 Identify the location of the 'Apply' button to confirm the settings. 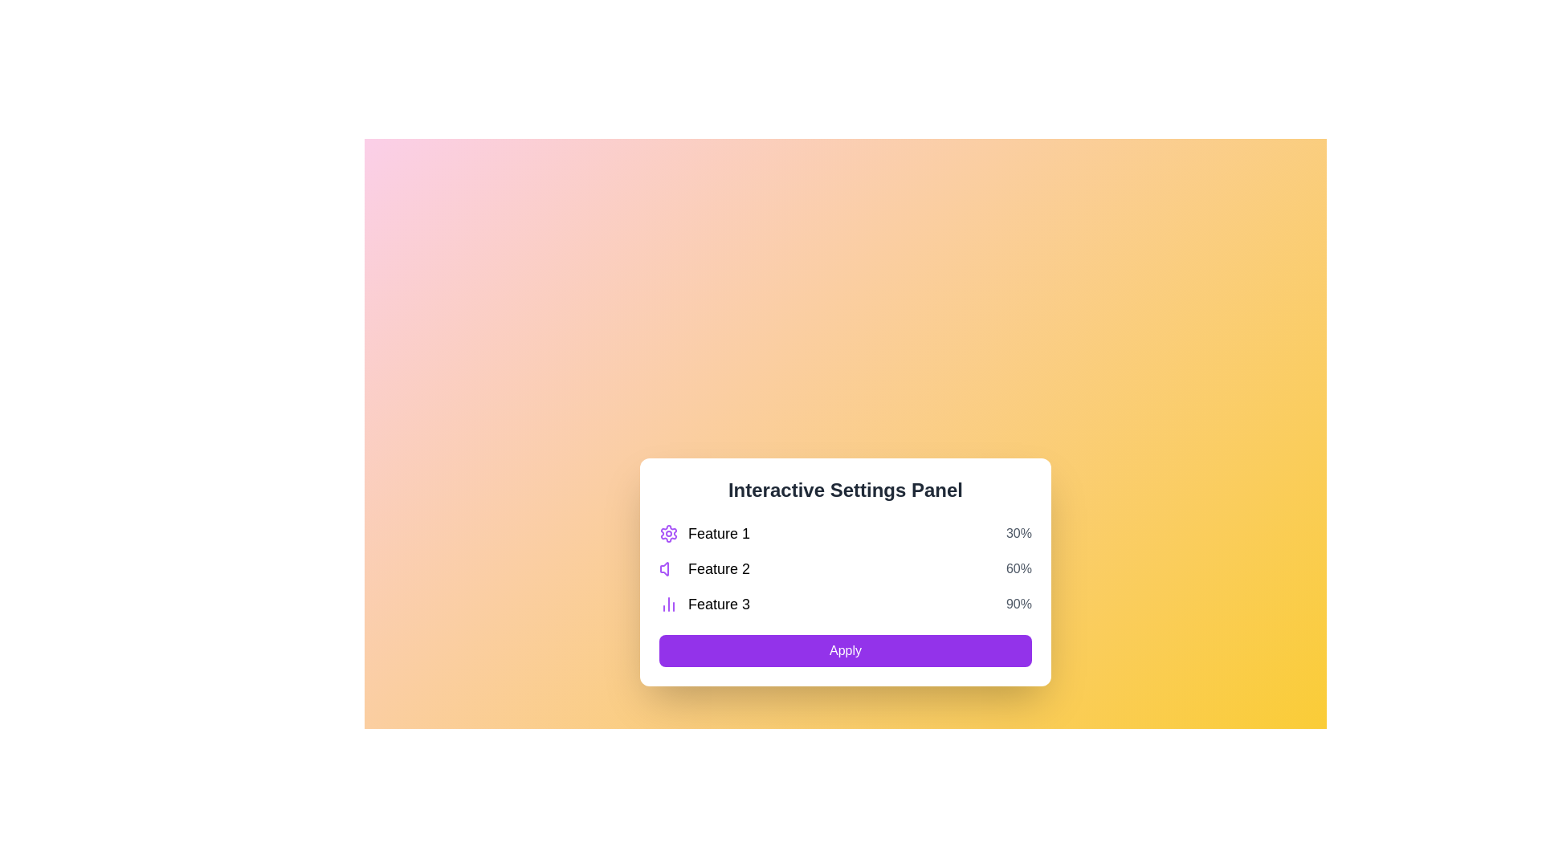
(844, 650).